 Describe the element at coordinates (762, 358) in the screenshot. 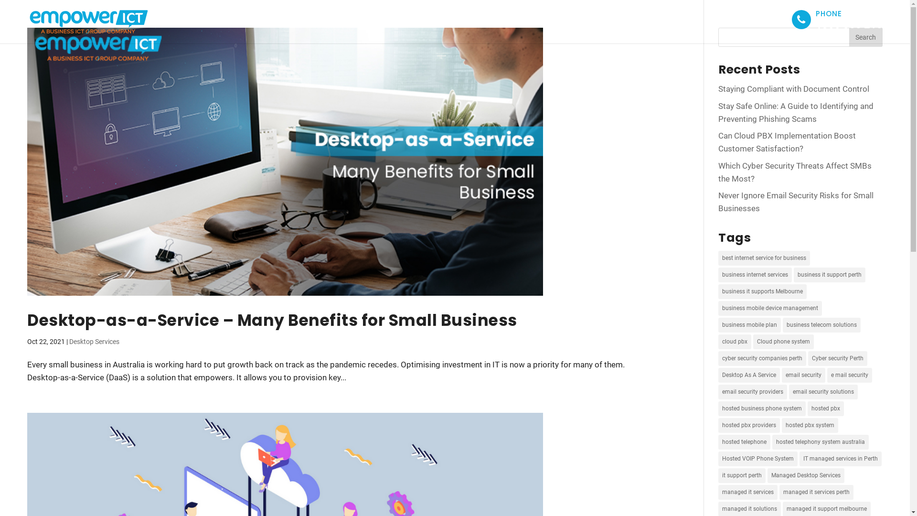

I see `'cyber security companies perth'` at that location.